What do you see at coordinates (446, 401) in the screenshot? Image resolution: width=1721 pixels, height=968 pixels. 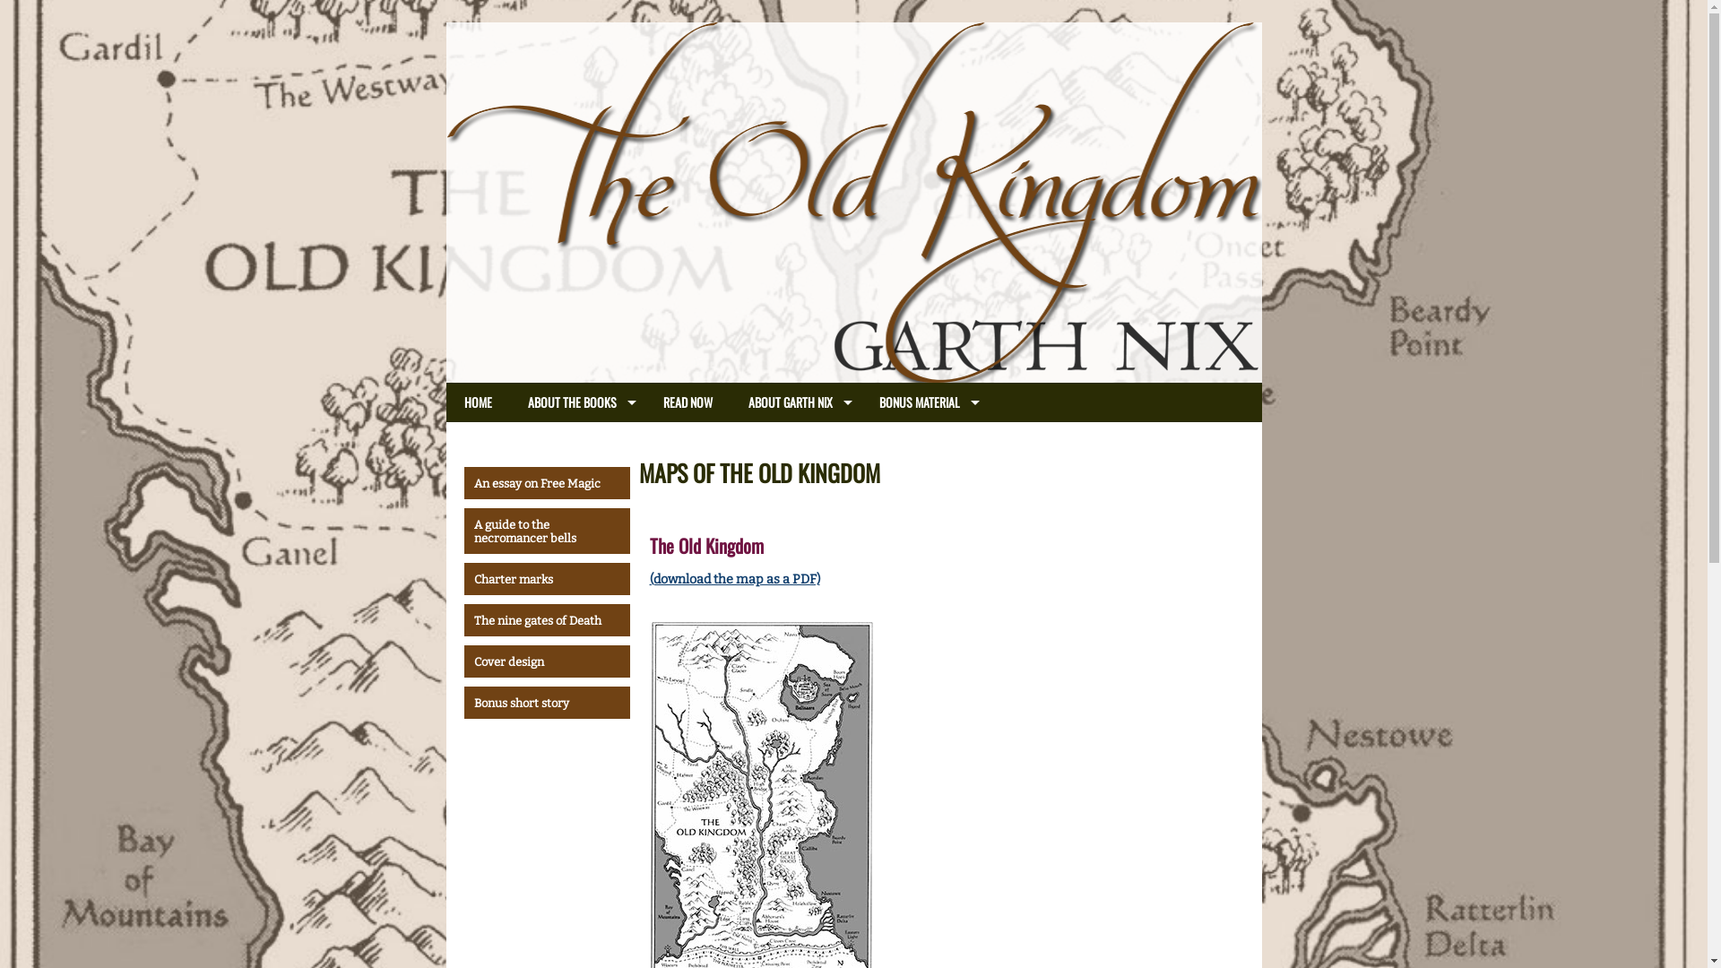 I see `'HOME'` at bounding box center [446, 401].